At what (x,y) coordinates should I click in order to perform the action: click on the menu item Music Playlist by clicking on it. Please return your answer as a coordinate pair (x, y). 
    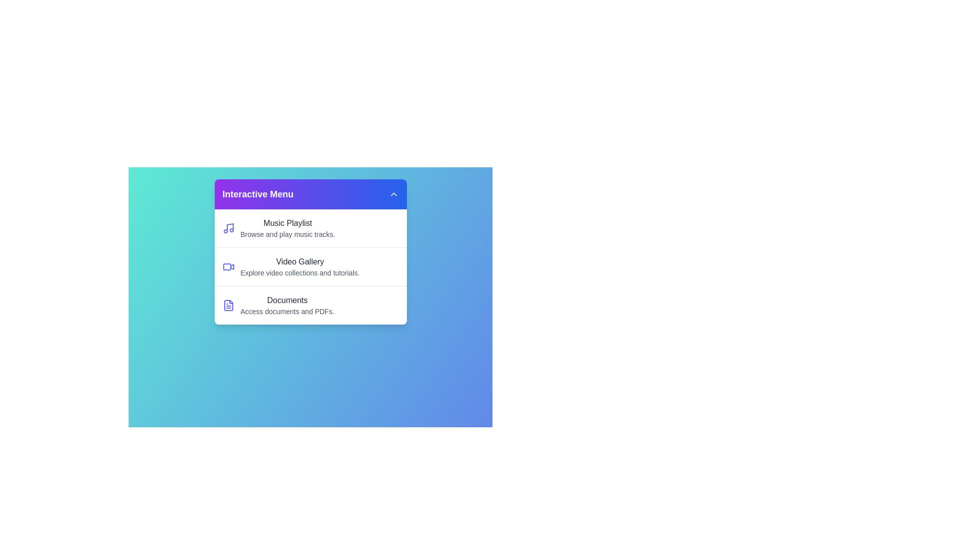
    Looking at the image, I should click on (310, 228).